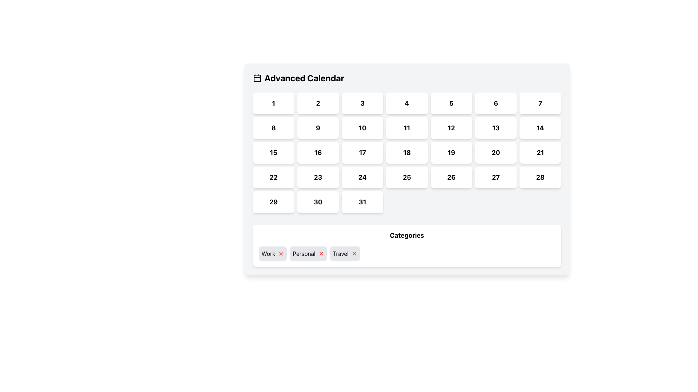 This screenshot has height=392, width=698. What do you see at coordinates (318, 202) in the screenshot?
I see `the day number '30' displayed in the calendar view` at bounding box center [318, 202].